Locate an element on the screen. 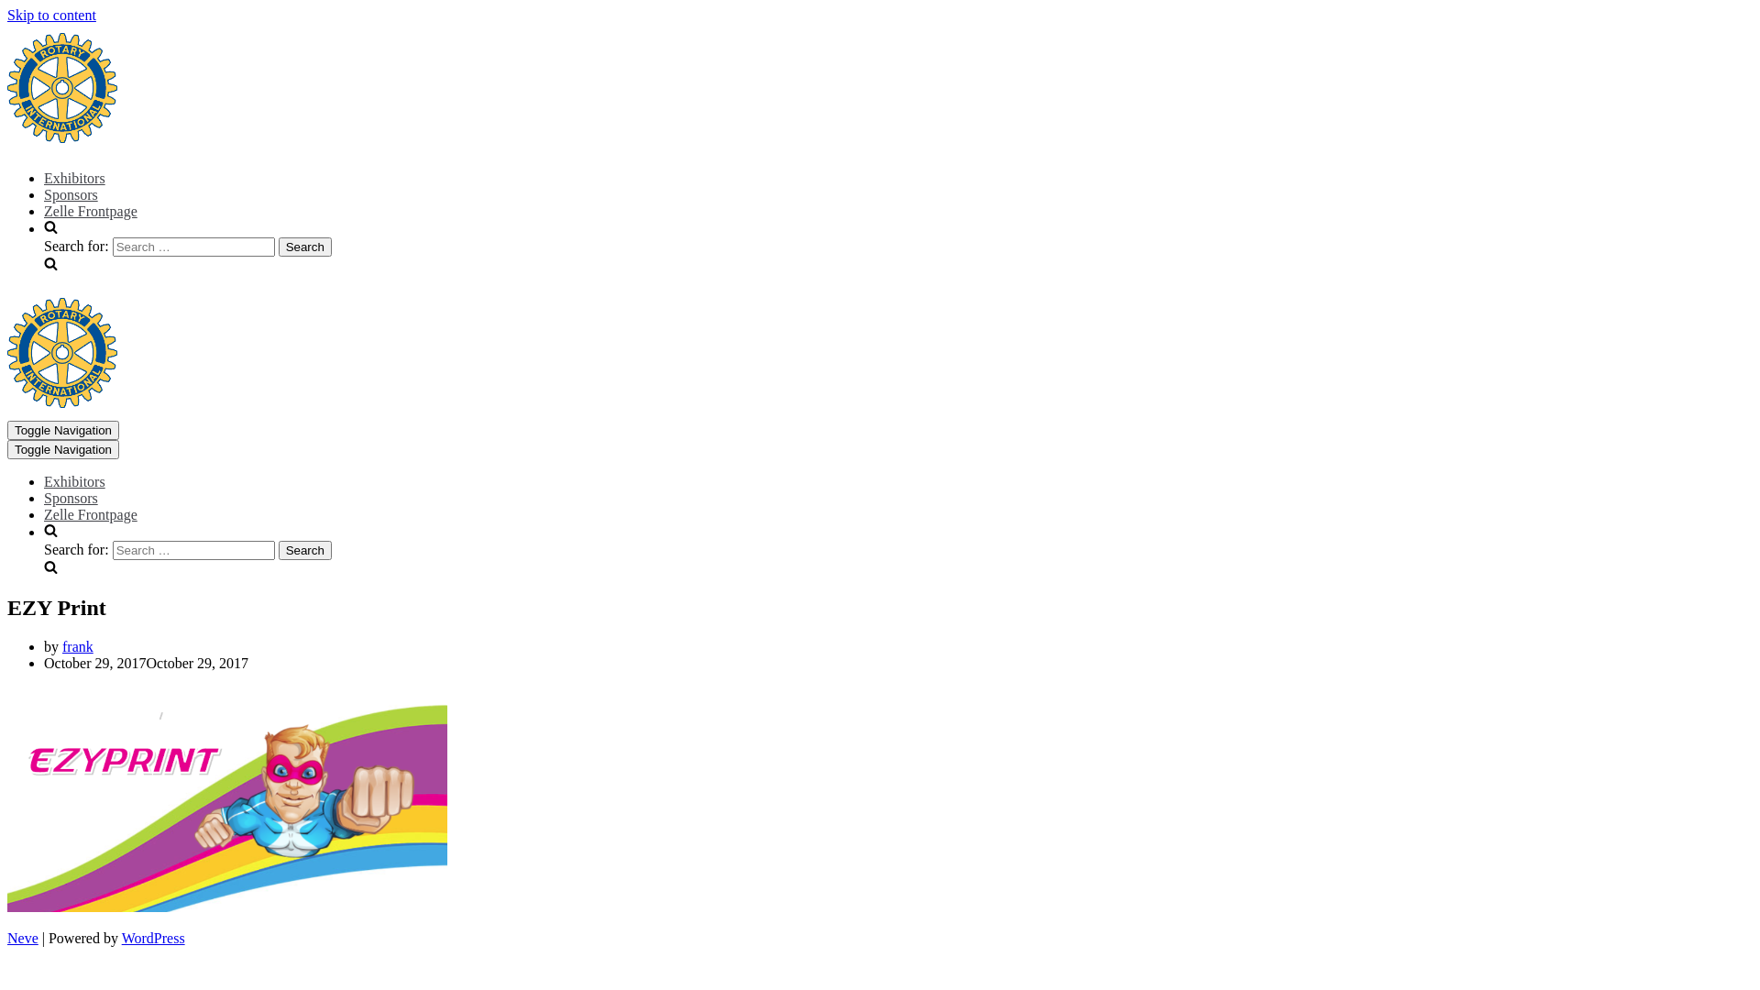 Image resolution: width=1760 pixels, height=990 pixels. 'Search' is located at coordinates (304, 246).